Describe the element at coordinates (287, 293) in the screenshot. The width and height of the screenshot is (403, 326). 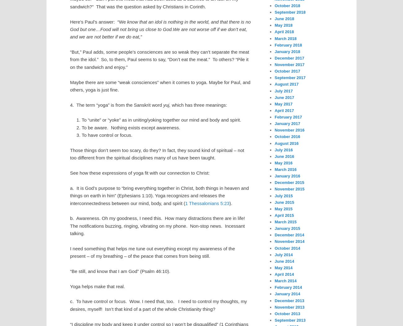
I see `'January 2014'` at that location.